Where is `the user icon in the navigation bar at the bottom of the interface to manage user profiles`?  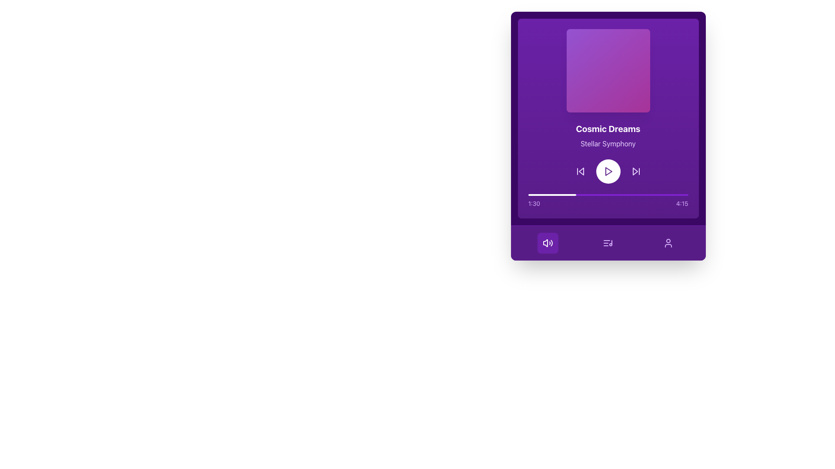 the user icon in the navigation bar at the bottom of the interface to manage user profiles is located at coordinates (608, 243).